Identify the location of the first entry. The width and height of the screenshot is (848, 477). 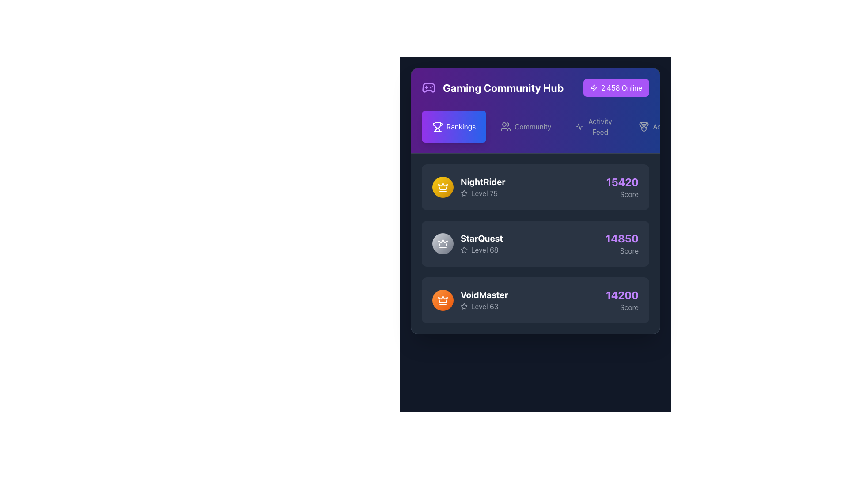
(535, 187).